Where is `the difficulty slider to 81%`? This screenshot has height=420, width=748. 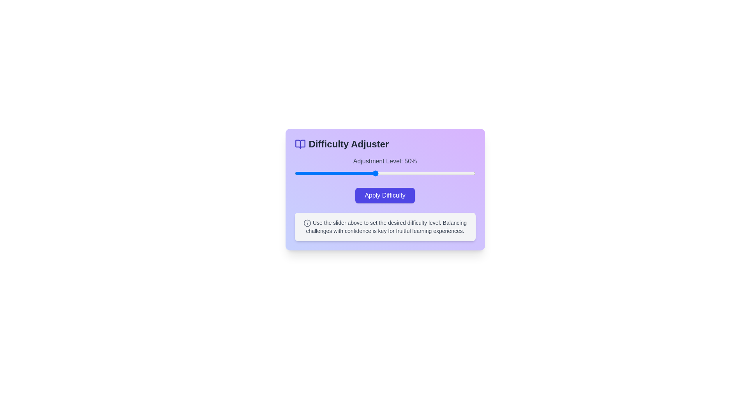 the difficulty slider to 81% is located at coordinates (437, 173).